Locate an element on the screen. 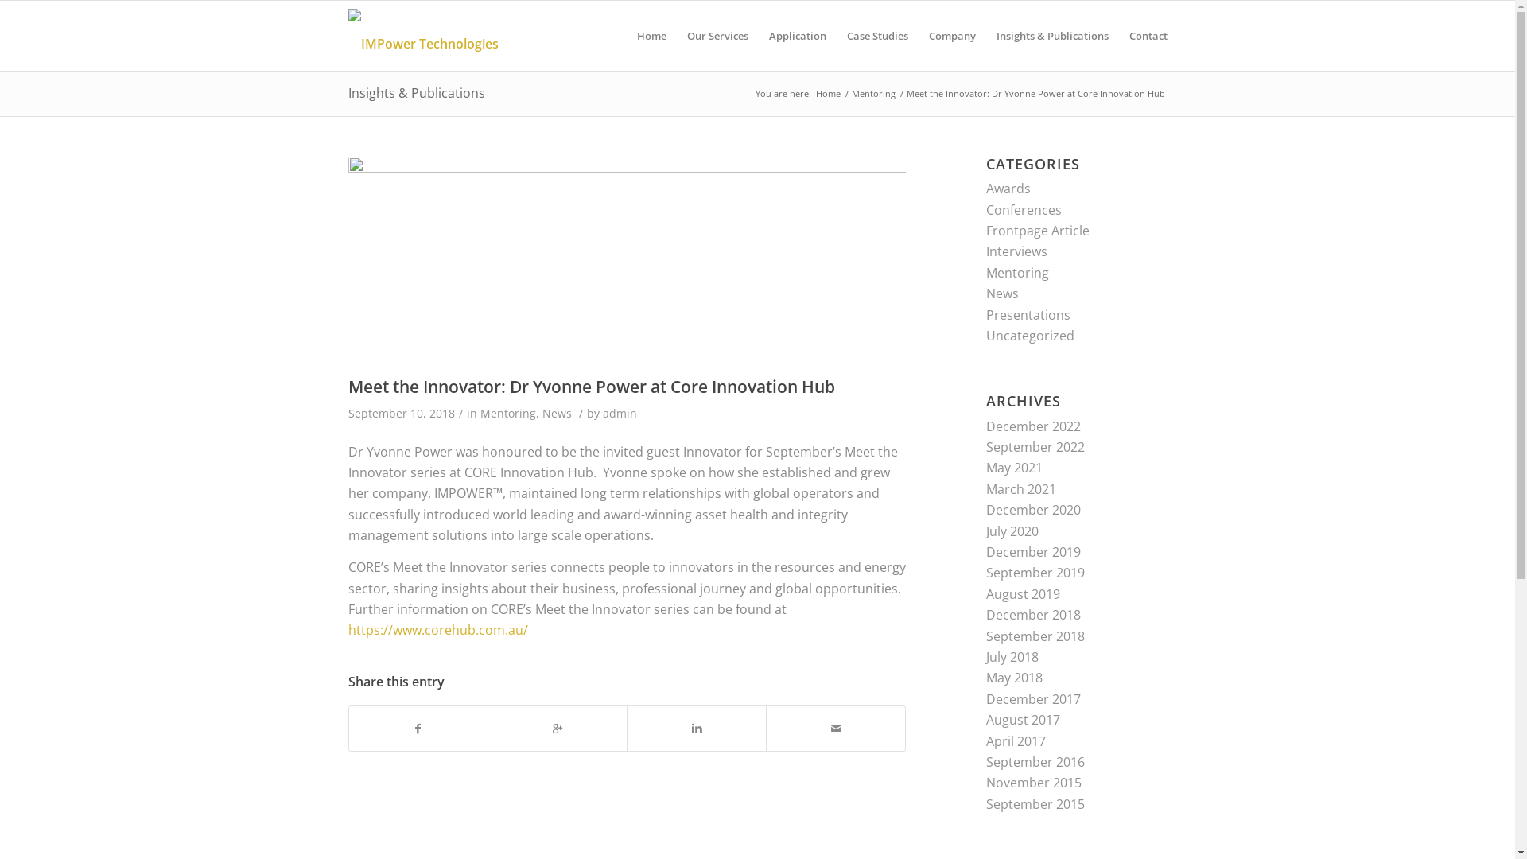 The width and height of the screenshot is (1527, 859). 'March 2021' is located at coordinates (1020, 488).